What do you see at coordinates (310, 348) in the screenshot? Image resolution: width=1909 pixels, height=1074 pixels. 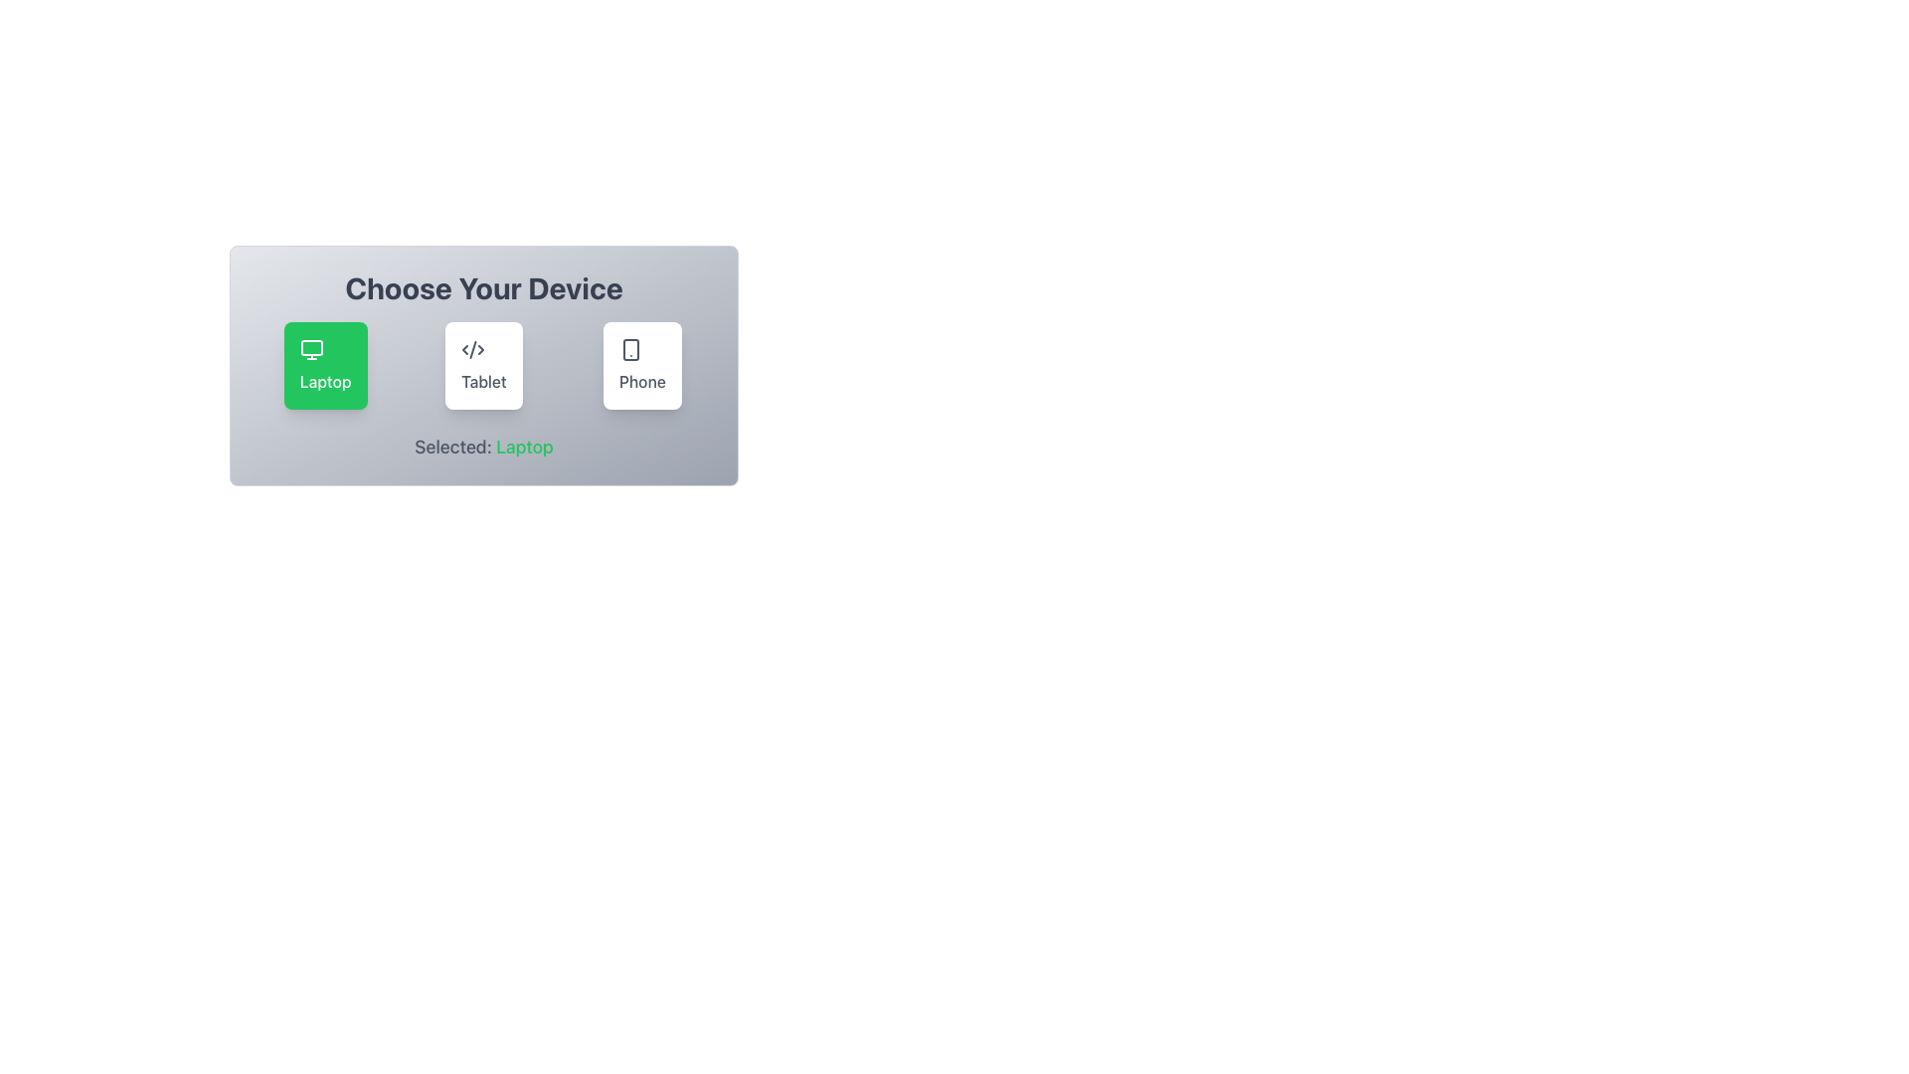 I see `the monitor icon, which is part of the 'Laptop' button with a green background, located under the 'Choose Your Device' heading` at bounding box center [310, 348].